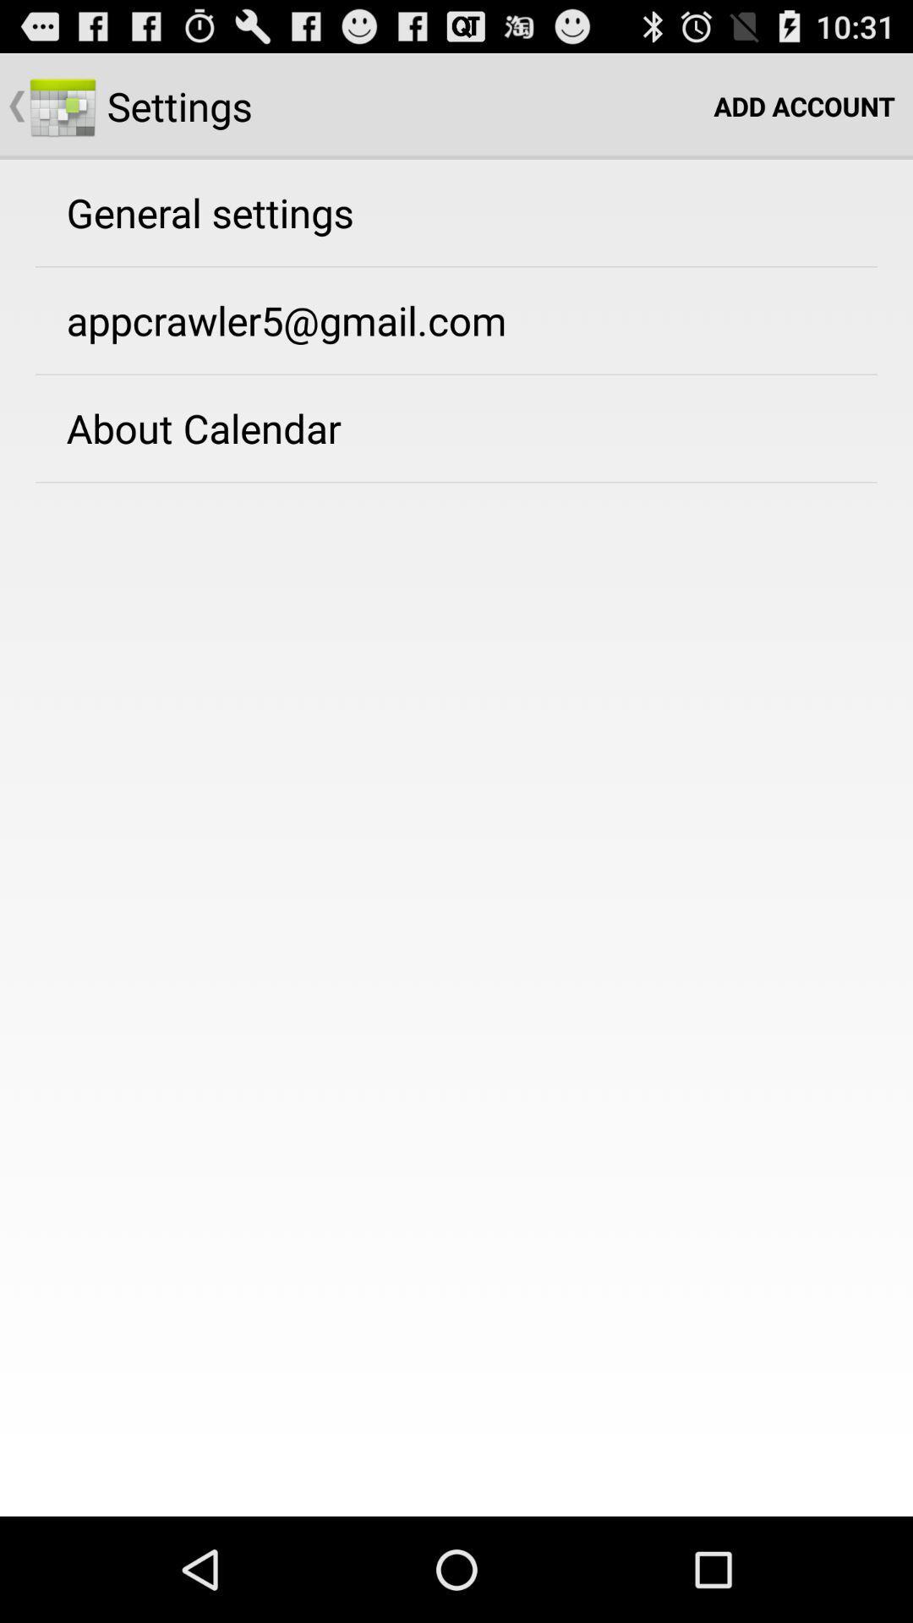 This screenshot has width=913, height=1623. I want to click on the about calendar item, so click(203, 428).